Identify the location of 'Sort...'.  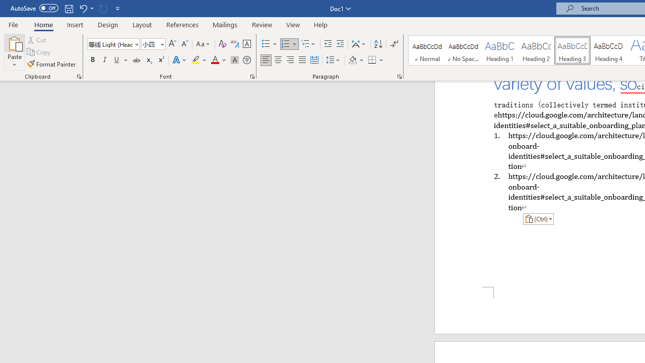
(377, 43).